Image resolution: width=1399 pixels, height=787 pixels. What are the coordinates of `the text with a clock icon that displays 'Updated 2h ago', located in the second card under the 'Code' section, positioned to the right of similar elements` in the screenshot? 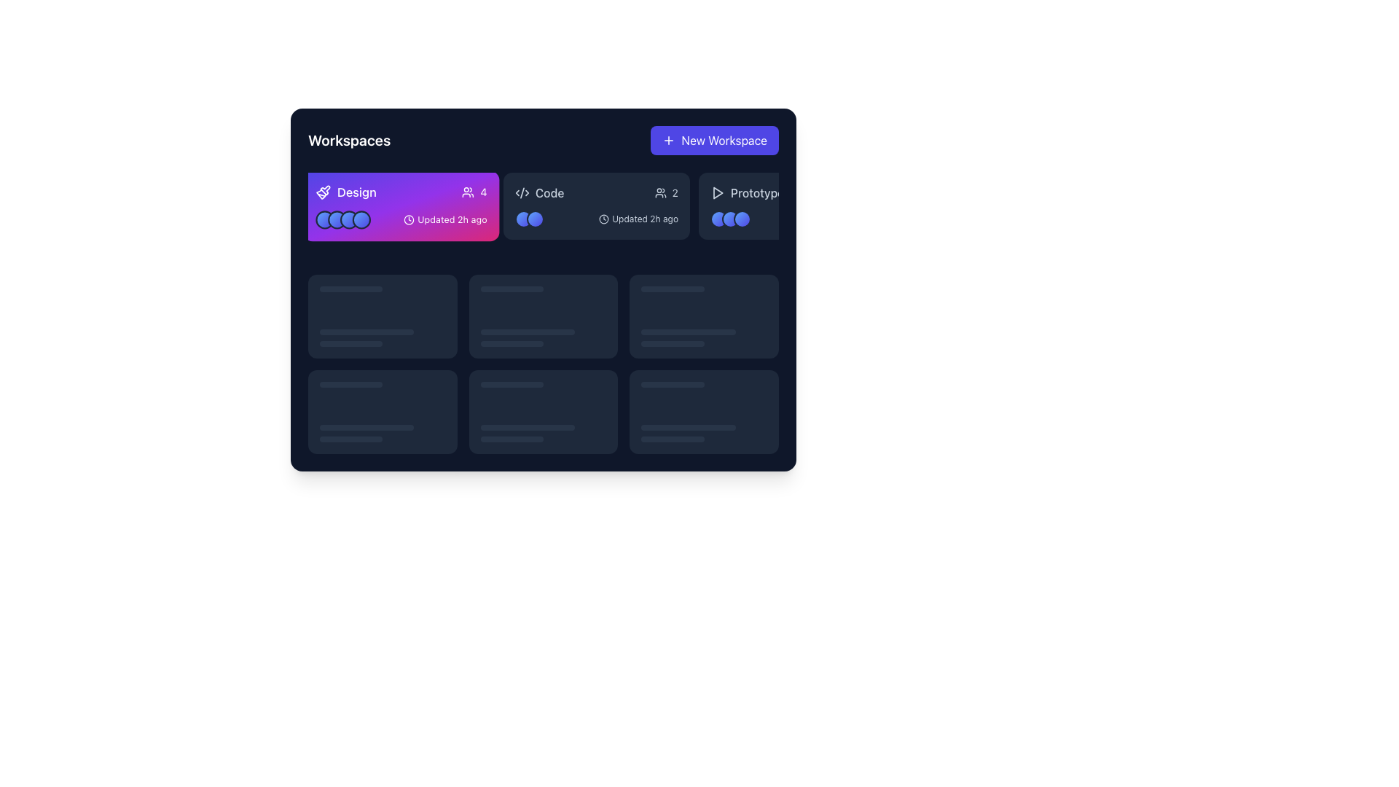 It's located at (638, 219).